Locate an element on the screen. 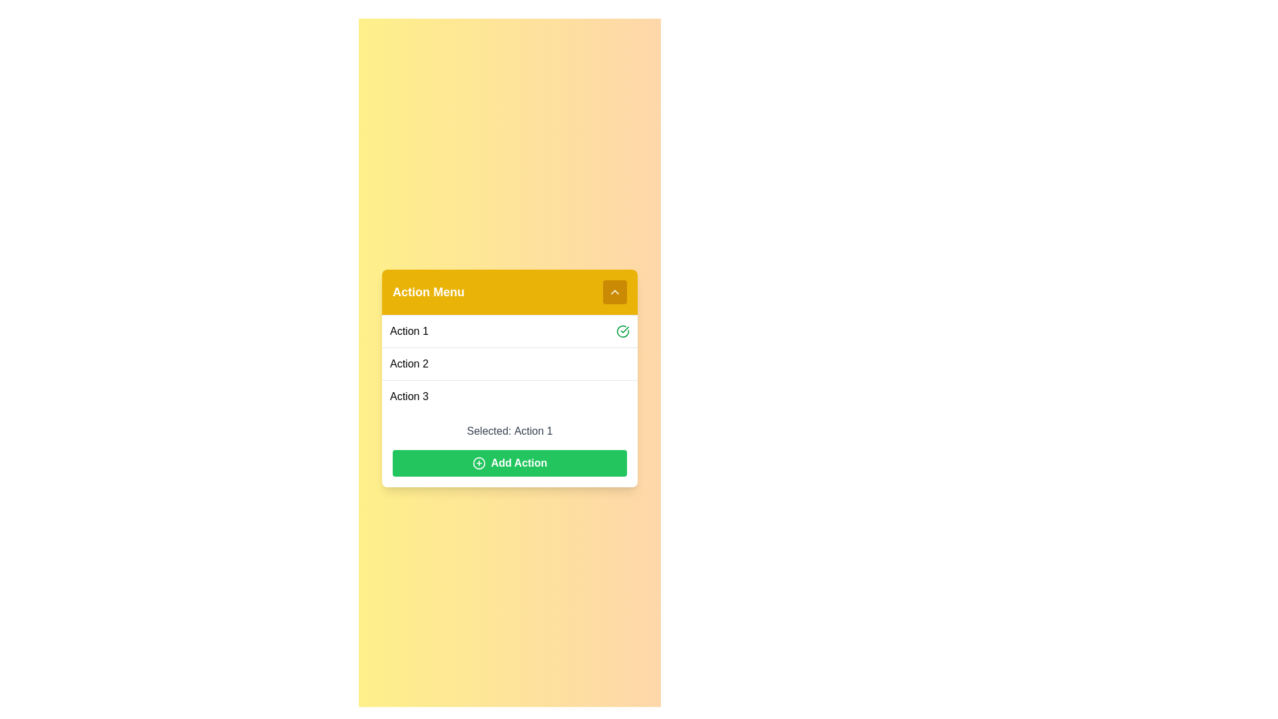 The width and height of the screenshot is (1278, 719). the circular icon located at the center of the 'Add Action' button, which is part of the action menu is located at coordinates (479, 463).